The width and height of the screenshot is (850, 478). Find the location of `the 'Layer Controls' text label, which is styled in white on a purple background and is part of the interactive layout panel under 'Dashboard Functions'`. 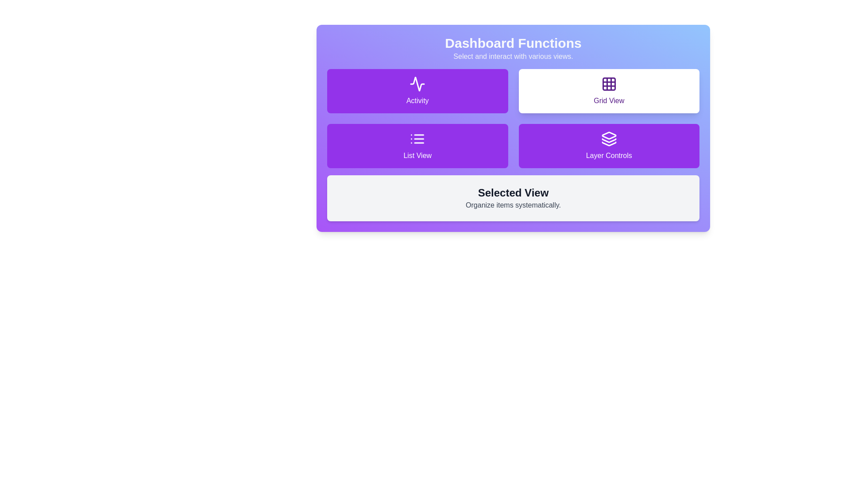

the 'Layer Controls' text label, which is styled in white on a purple background and is part of the interactive layout panel under 'Dashboard Functions' is located at coordinates (608, 155).